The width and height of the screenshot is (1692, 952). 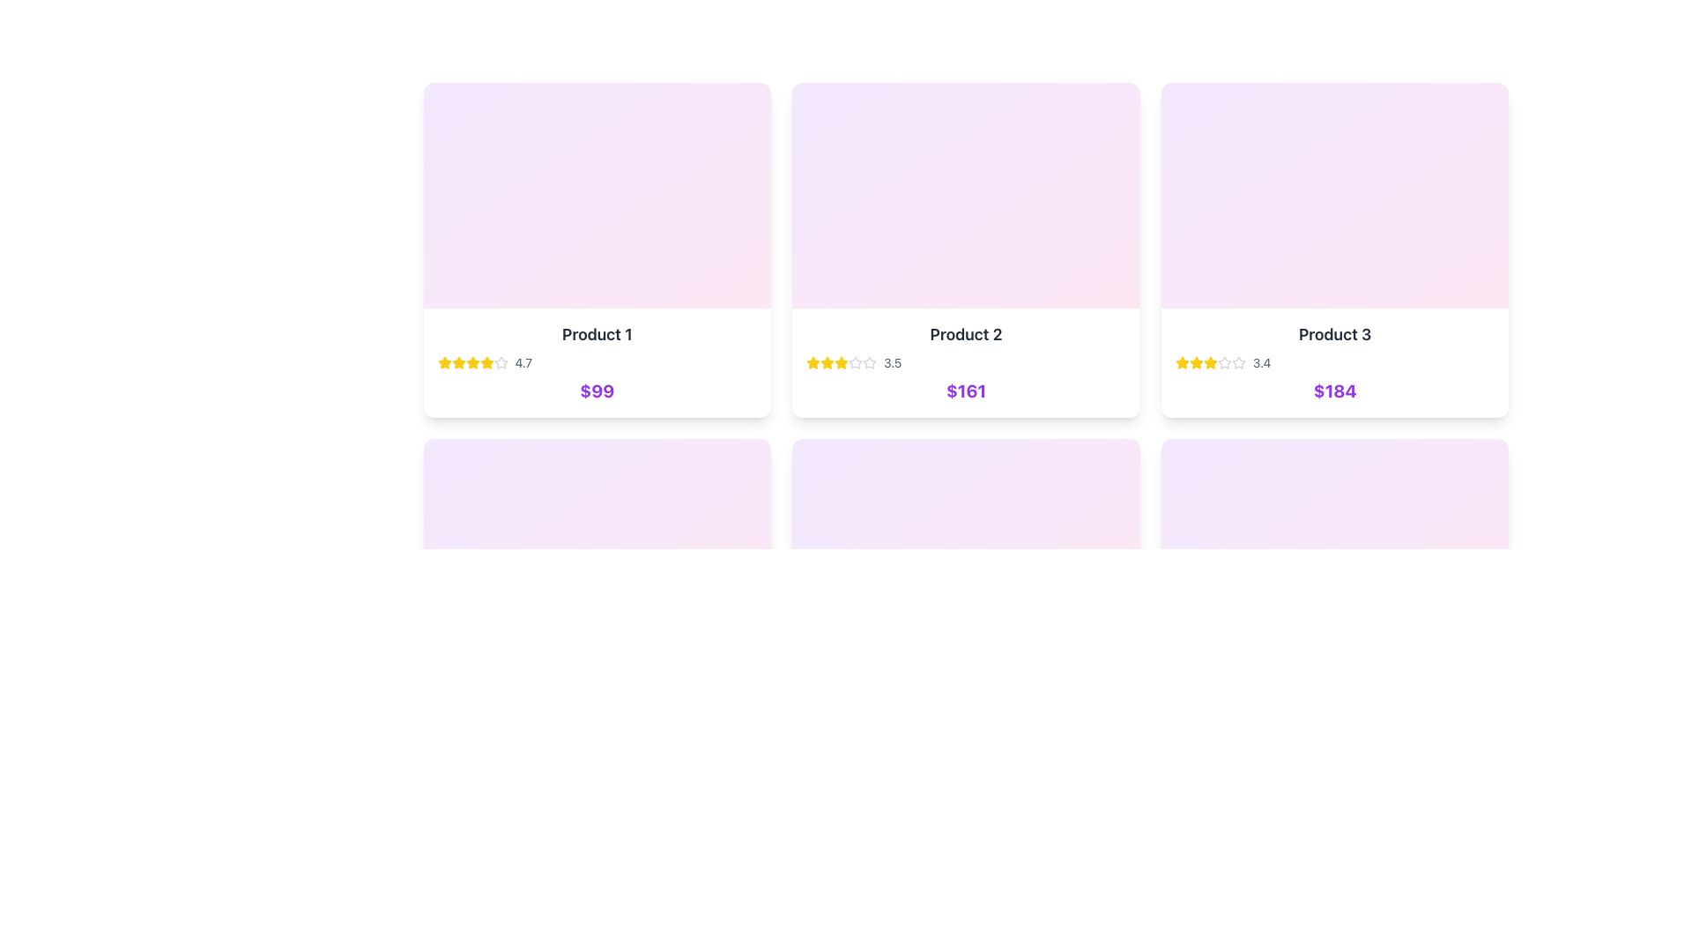 What do you see at coordinates (1112, 465) in the screenshot?
I see `the visibility toggle button located at the top-right corner of the product card` at bounding box center [1112, 465].